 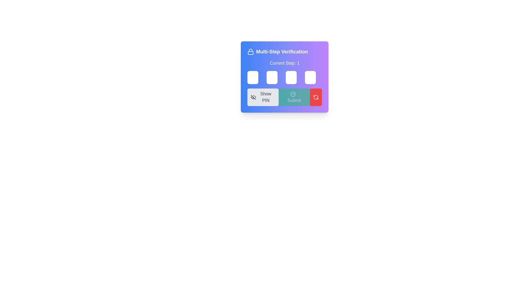 I want to click on the decorative circular icon within the 'Submit' button located in the lower middle section of the multi-step verification interface, so click(x=293, y=94).